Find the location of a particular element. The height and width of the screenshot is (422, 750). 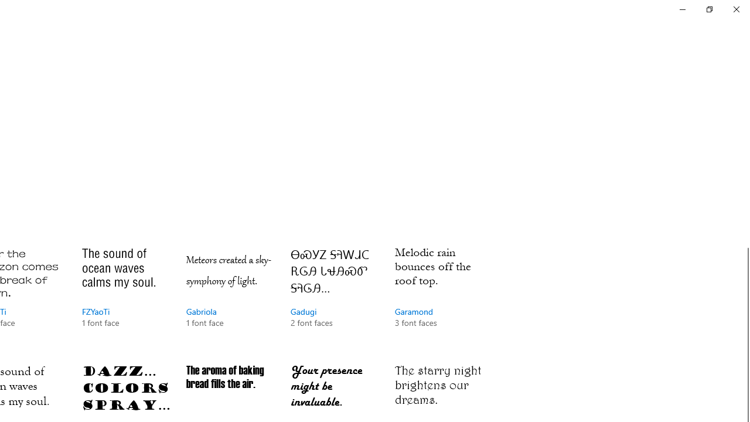

'Close Settings' is located at coordinates (735, 9).